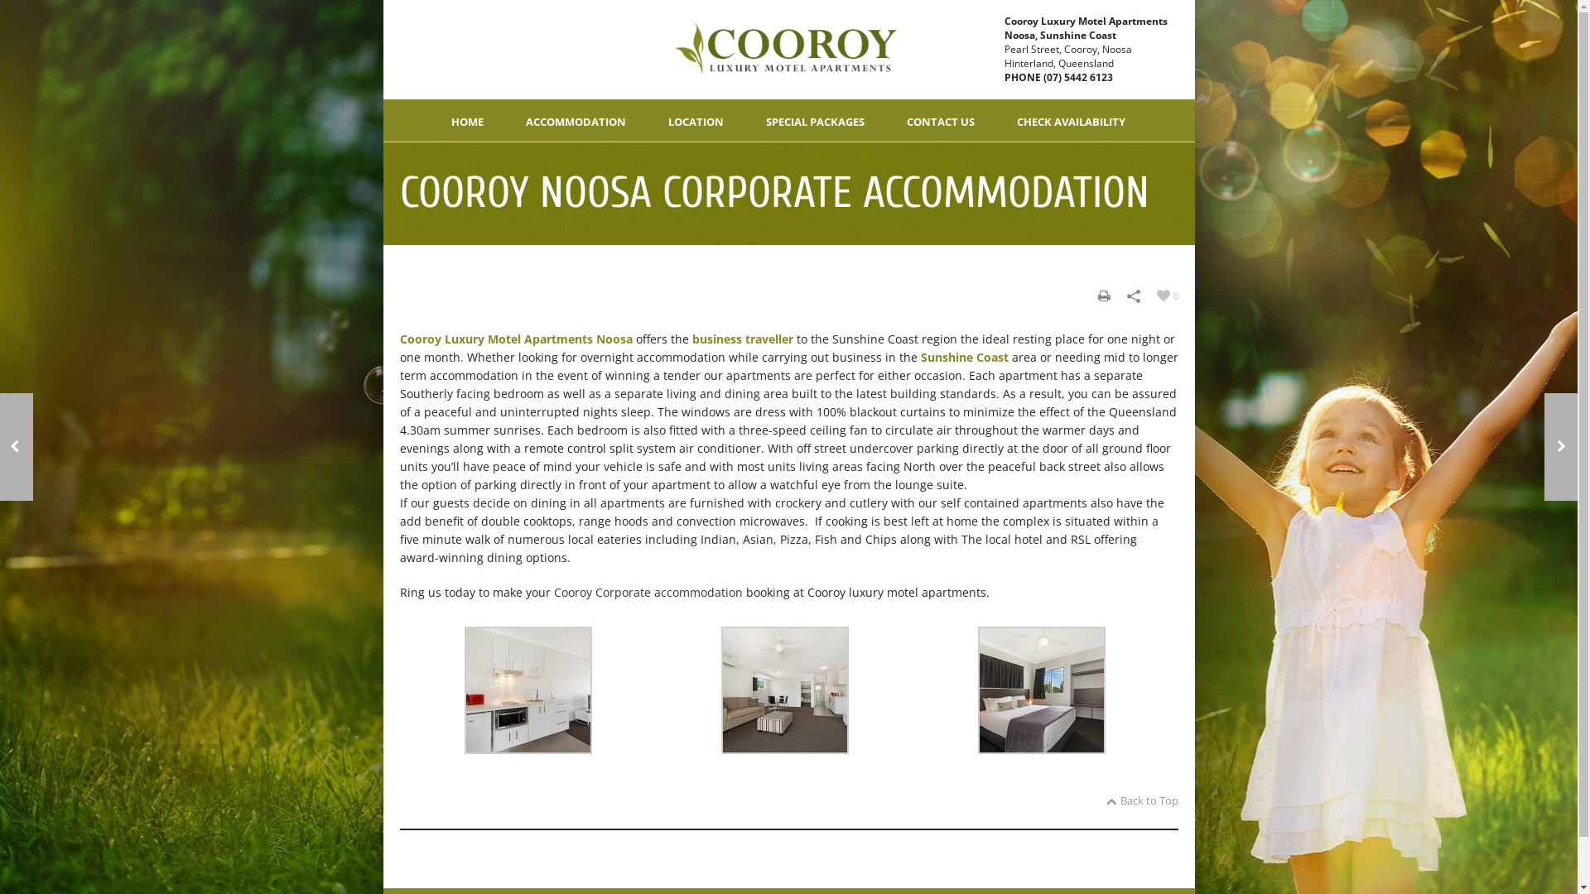  What do you see at coordinates (503, 120) in the screenshot?
I see `'ACCOMMODATION'` at bounding box center [503, 120].